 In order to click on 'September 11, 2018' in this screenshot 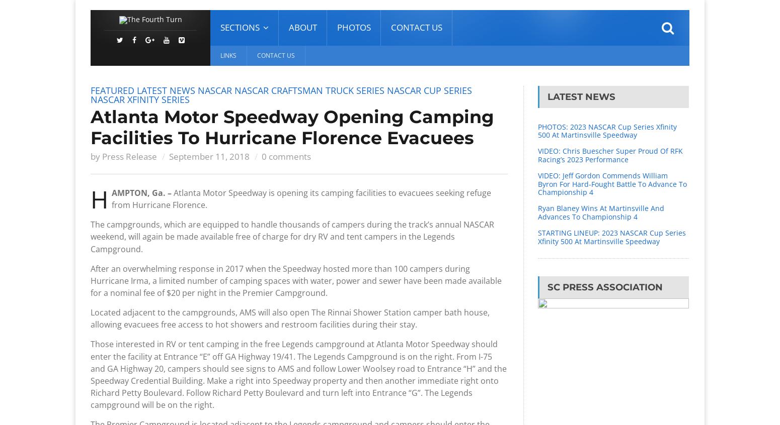, I will do `click(209, 156)`.